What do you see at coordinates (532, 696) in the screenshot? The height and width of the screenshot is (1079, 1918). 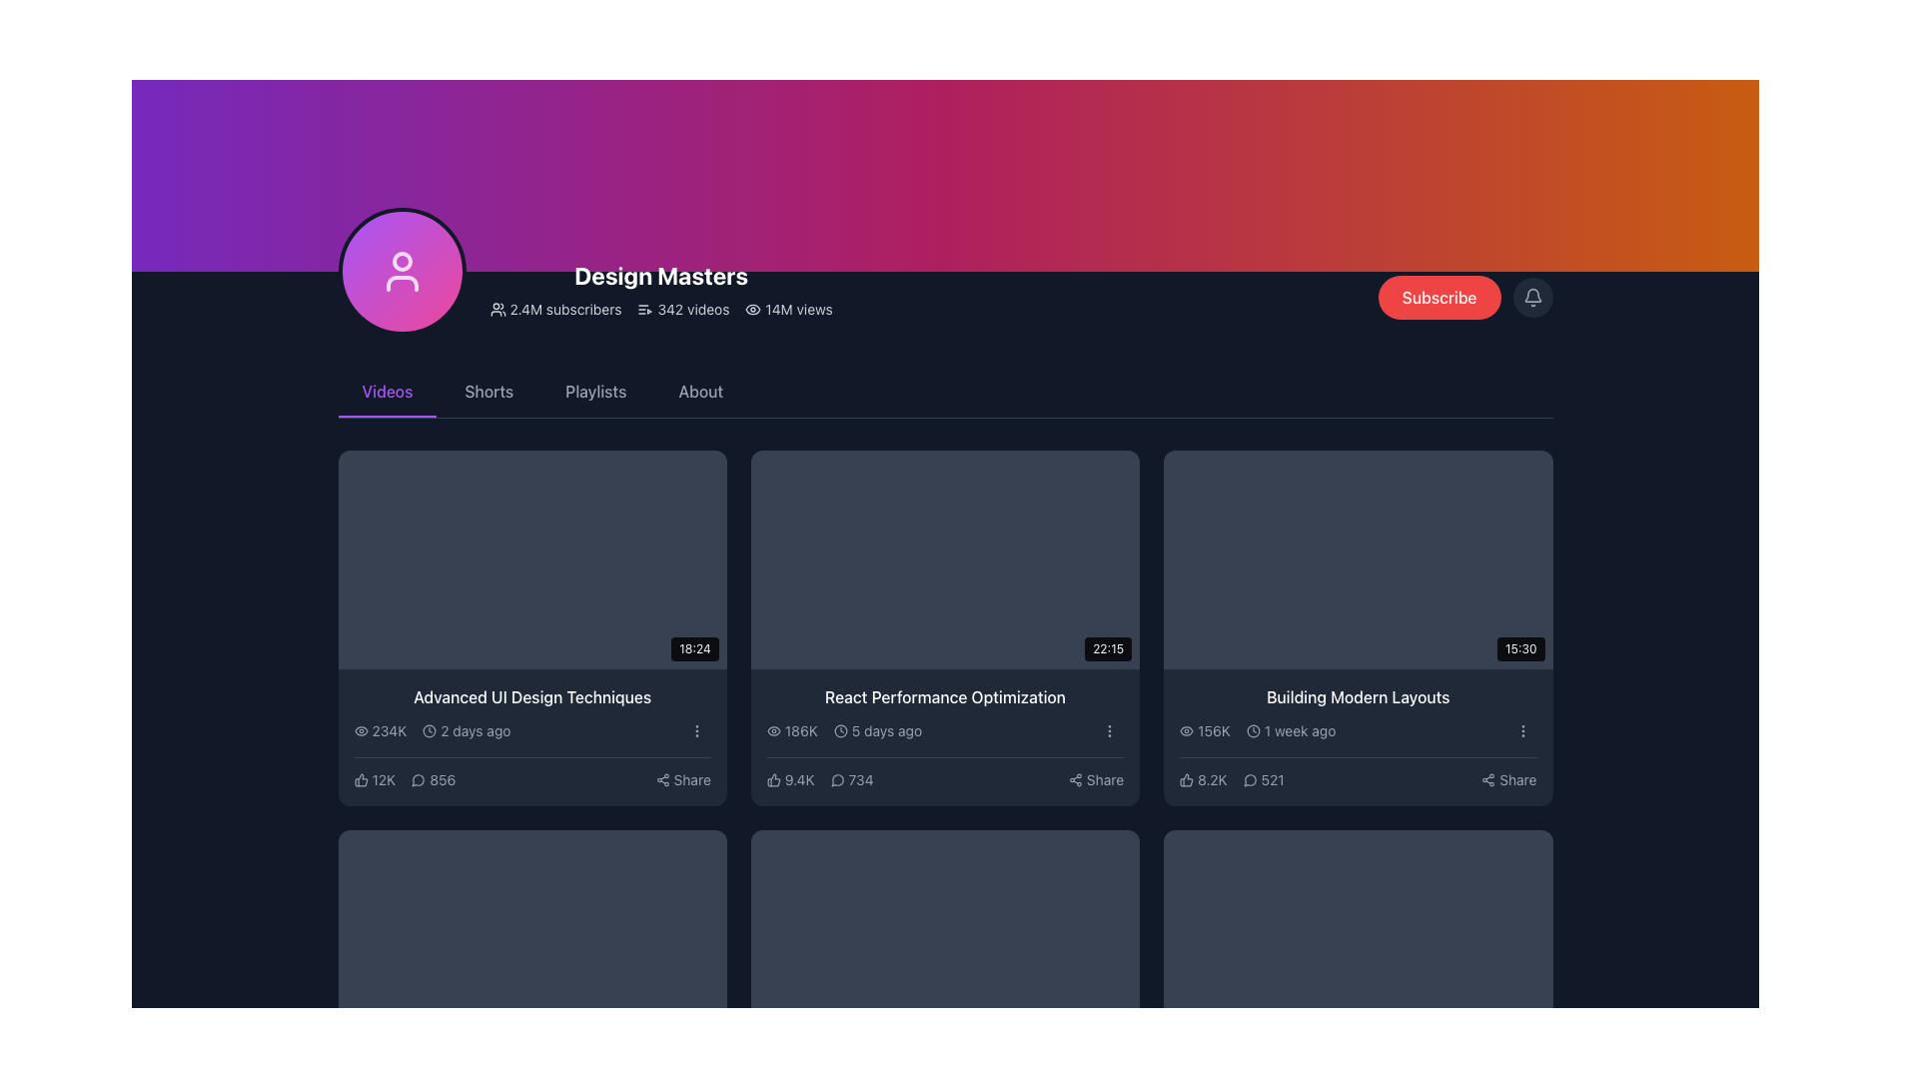 I see `the text label displaying 'Advanced UI Design Techniques'` at bounding box center [532, 696].